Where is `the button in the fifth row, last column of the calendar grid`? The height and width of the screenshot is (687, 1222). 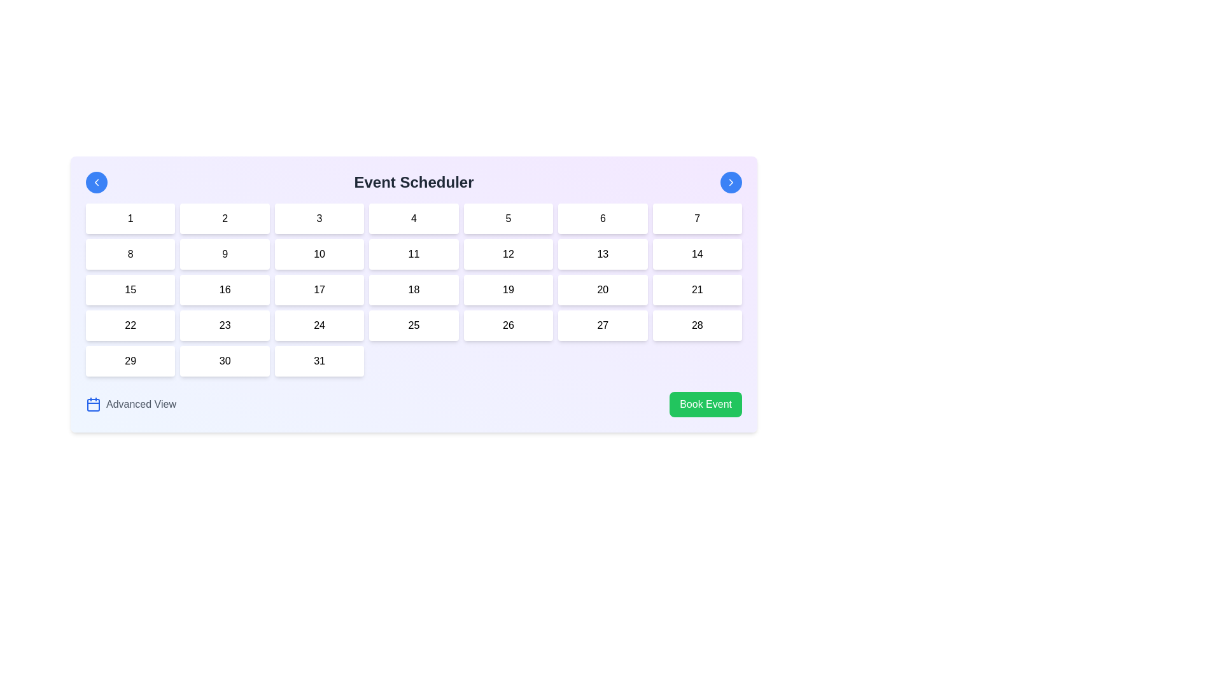 the button in the fifth row, last column of the calendar grid is located at coordinates (696, 289).